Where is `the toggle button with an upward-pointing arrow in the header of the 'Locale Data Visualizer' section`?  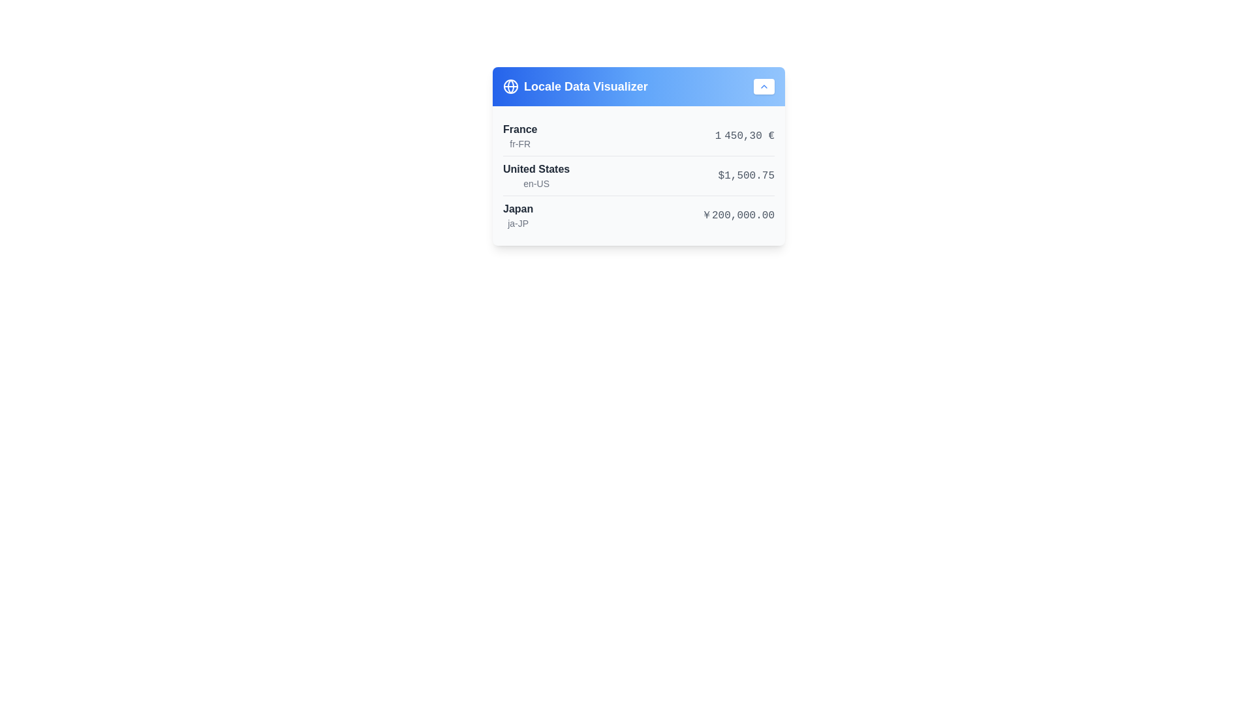 the toggle button with an upward-pointing arrow in the header of the 'Locale Data Visualizer' section is located at coordinates (764, 86).